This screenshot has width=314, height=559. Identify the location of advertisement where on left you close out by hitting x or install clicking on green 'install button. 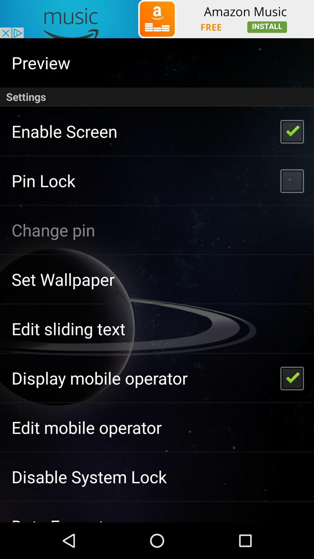
(157, 19).